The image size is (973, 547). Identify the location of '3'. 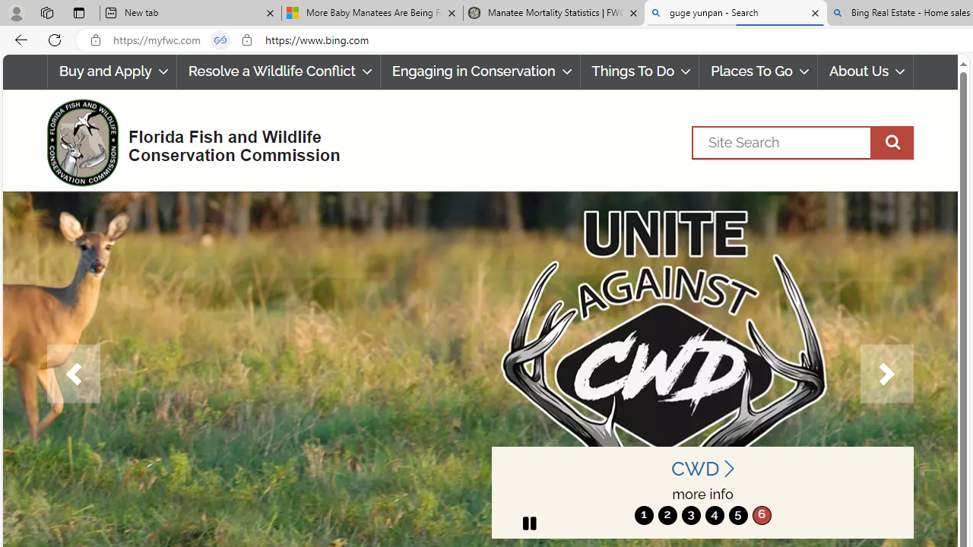
(689, 514).